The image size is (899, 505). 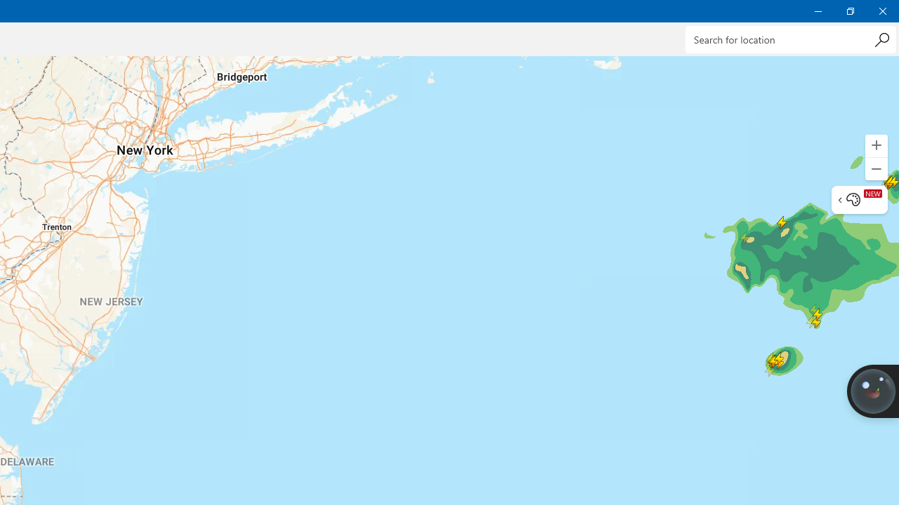 What do you see at coordinates (790, 39) in the screenshot?
I see `'Search for location'` at bounding box center [790, 39].